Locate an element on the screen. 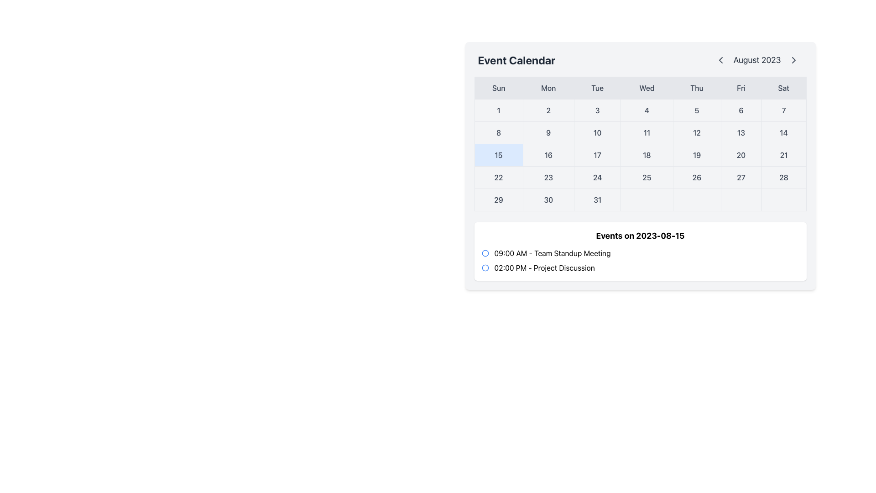 The width and height of the screenshot is (876, 493). the static display text element showing '13' in the calendar grid, which is styled with a gray border and is centrally aligned is located at coordinates (741, 132).